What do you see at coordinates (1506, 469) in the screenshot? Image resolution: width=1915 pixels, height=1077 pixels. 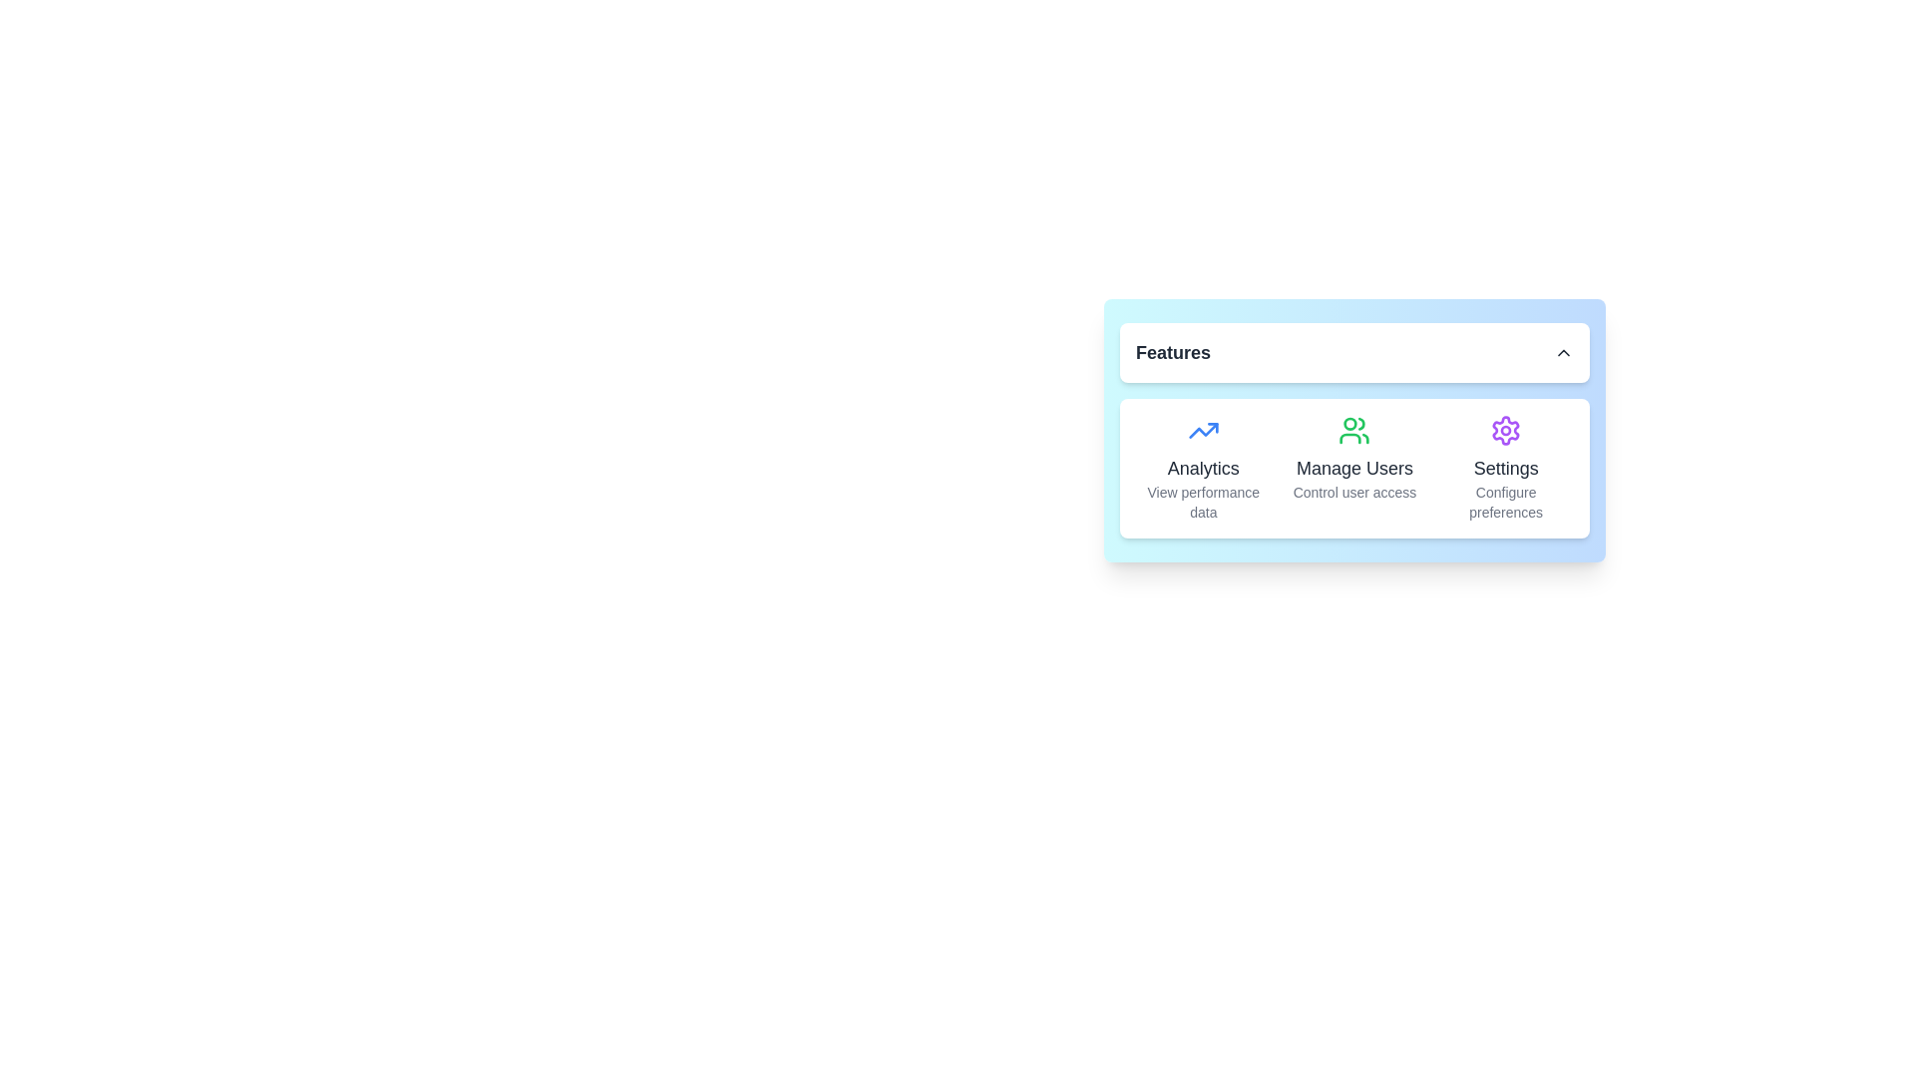 I see `the settings button located in the third column of the grid, adjacent to 'Manage Users'` at bounding box center [1506, 469].